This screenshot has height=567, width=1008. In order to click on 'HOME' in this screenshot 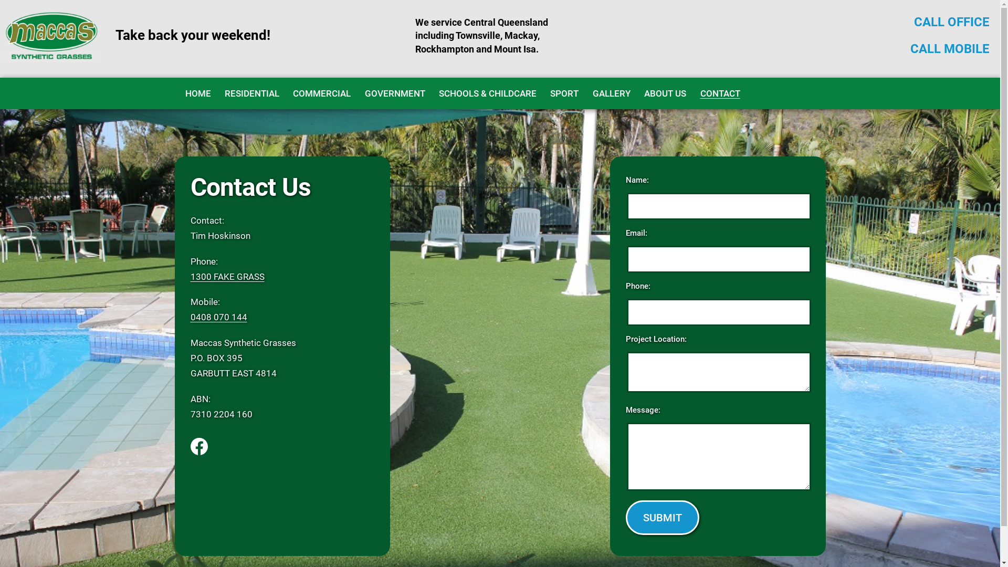, I will do `click(197, 92)`.